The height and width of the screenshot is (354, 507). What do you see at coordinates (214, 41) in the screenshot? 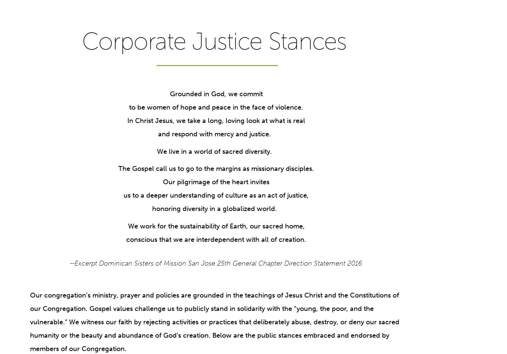
I see `'Corporate Justice Stances'` at bounding box center [214, 41].